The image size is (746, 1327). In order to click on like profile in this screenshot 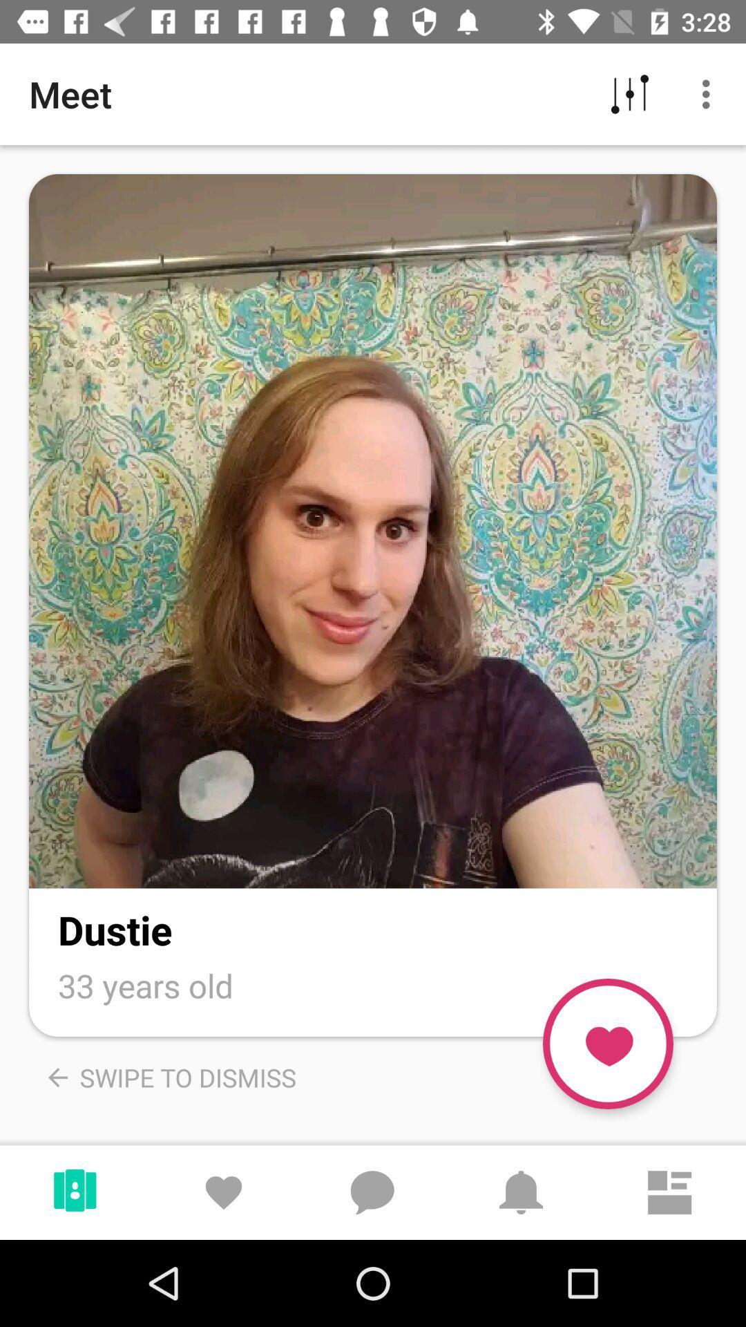, I will do `click(607, 1044)`.